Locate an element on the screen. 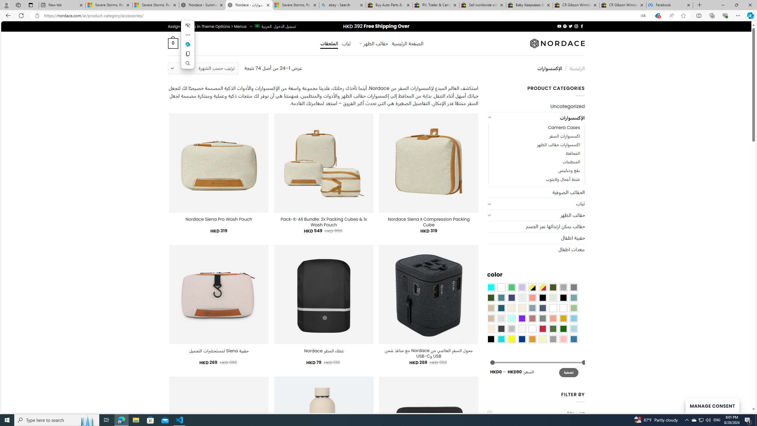 The image size is (757, 426). 'More actions' is located at coordinates (187, 35).